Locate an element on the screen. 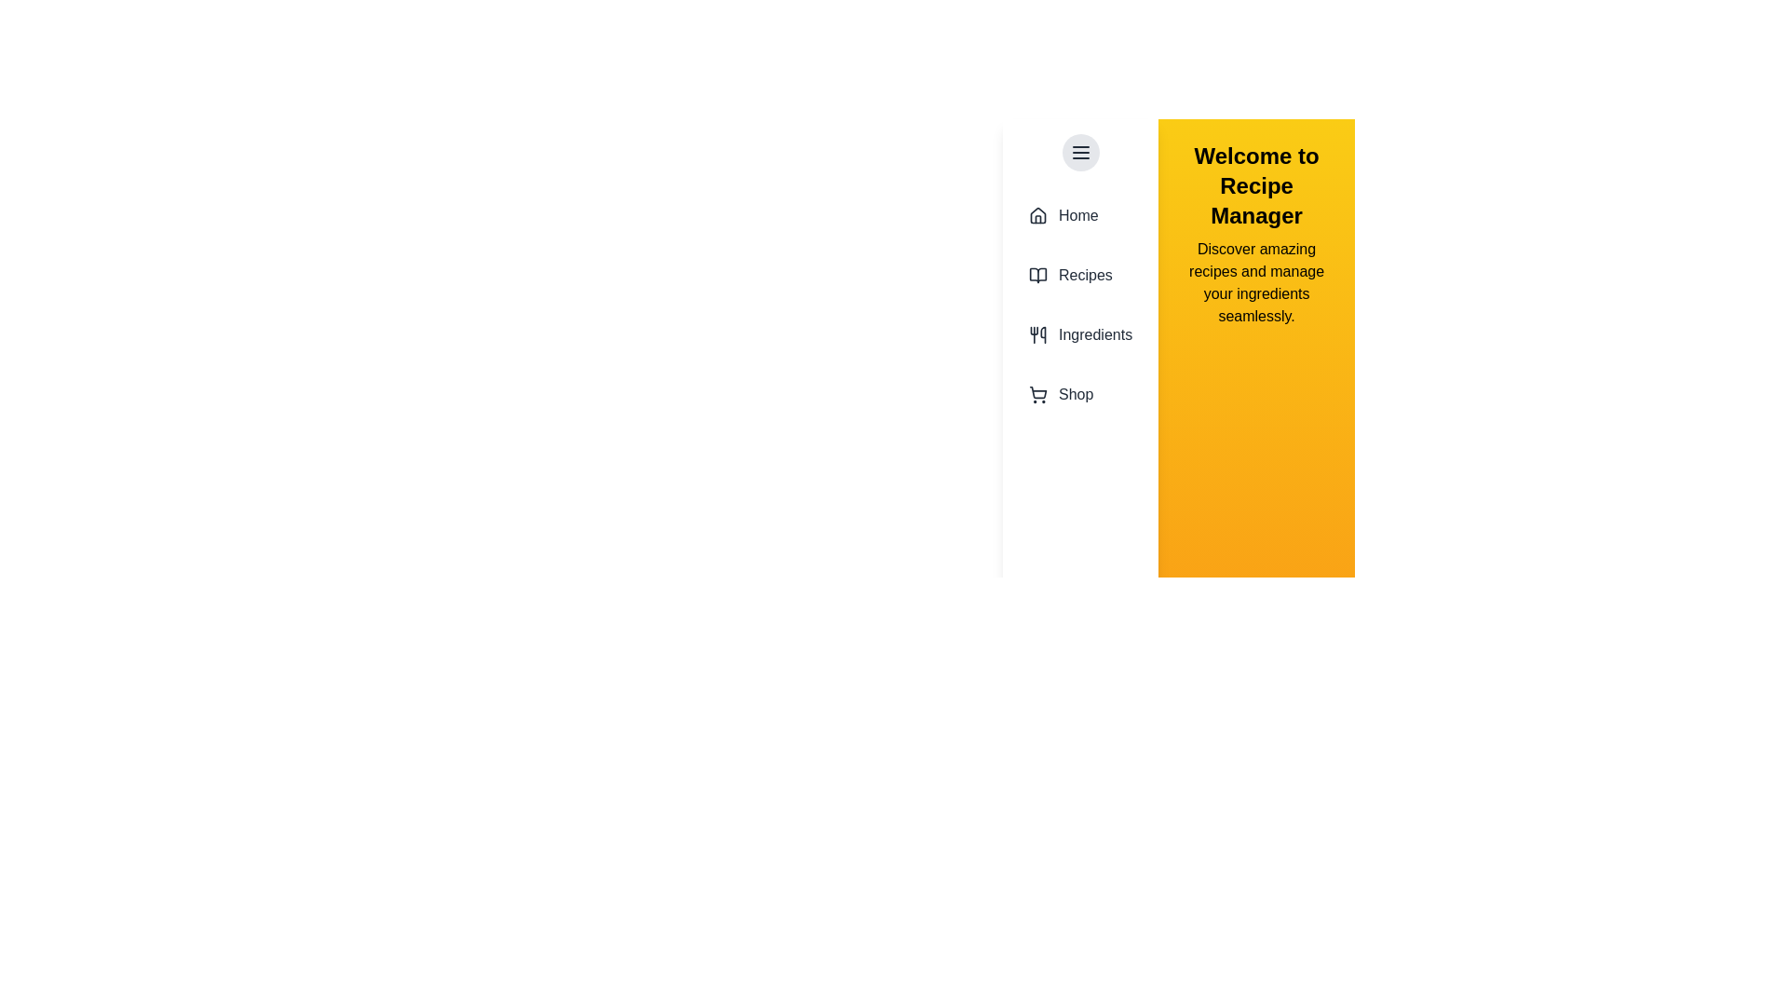 This screenshot has width=1788, height=1006. the drawer item labeled Ingredients to reveal additional information is located at coordinates (1080, 333).